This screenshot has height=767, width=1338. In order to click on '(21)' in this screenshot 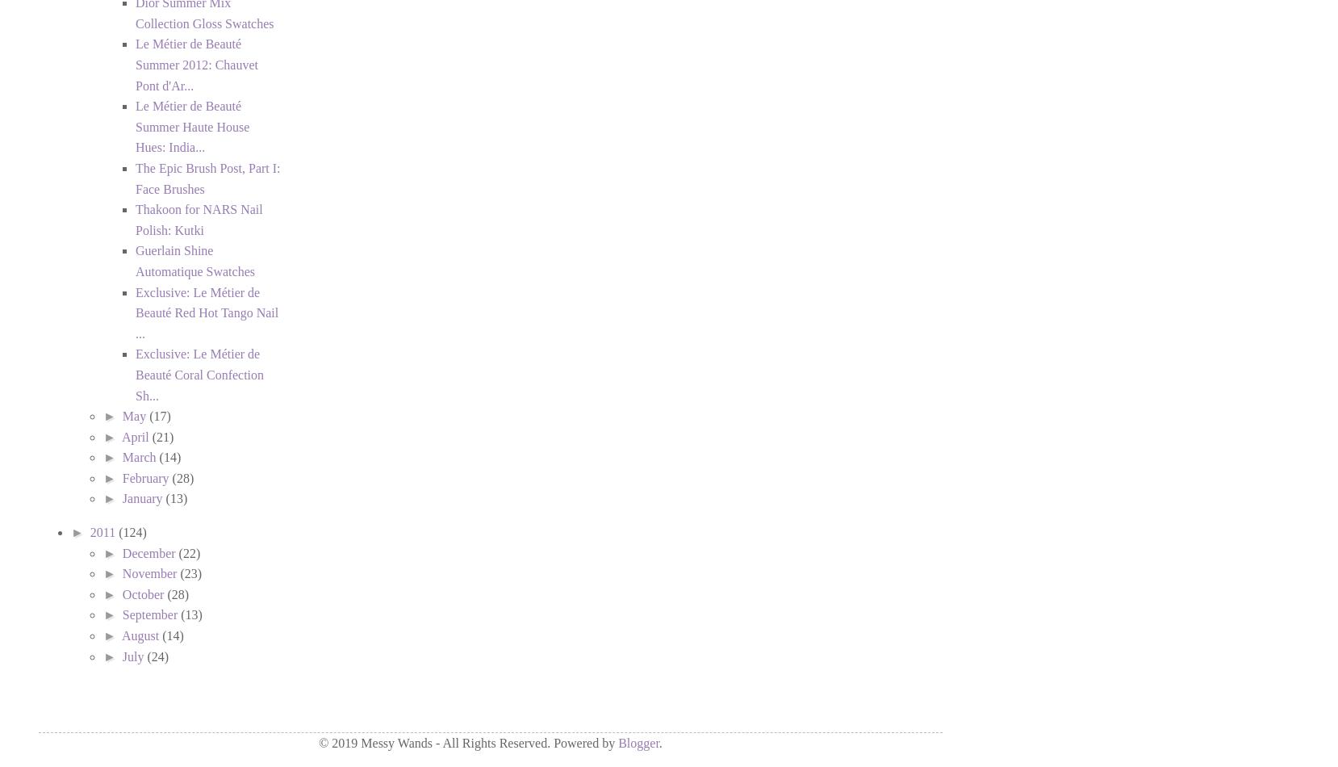, I will do `click(162, 436)`.